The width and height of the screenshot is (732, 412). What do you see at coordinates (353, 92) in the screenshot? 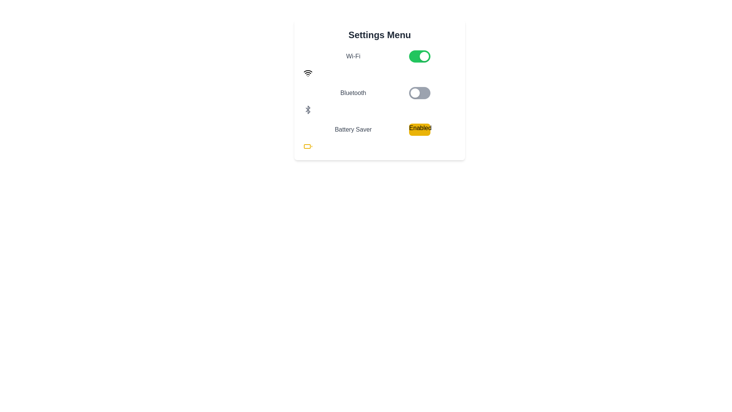
I see `the association of the 'Bluetooth' label with the toggle switch located below it` at bounding box center [353, 92].